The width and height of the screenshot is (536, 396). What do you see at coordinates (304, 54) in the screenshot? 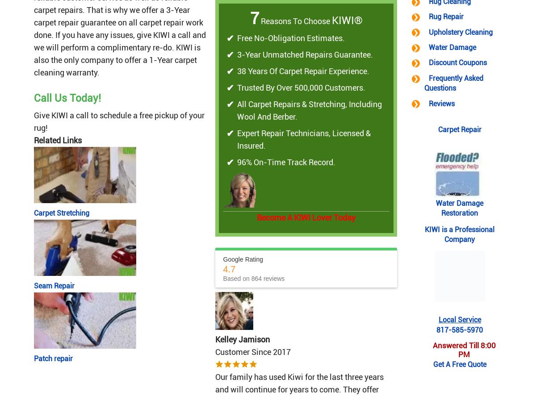
I see `'3-Year Unmatched Repairs Guarantee.'` at bounding box center [304, 54].